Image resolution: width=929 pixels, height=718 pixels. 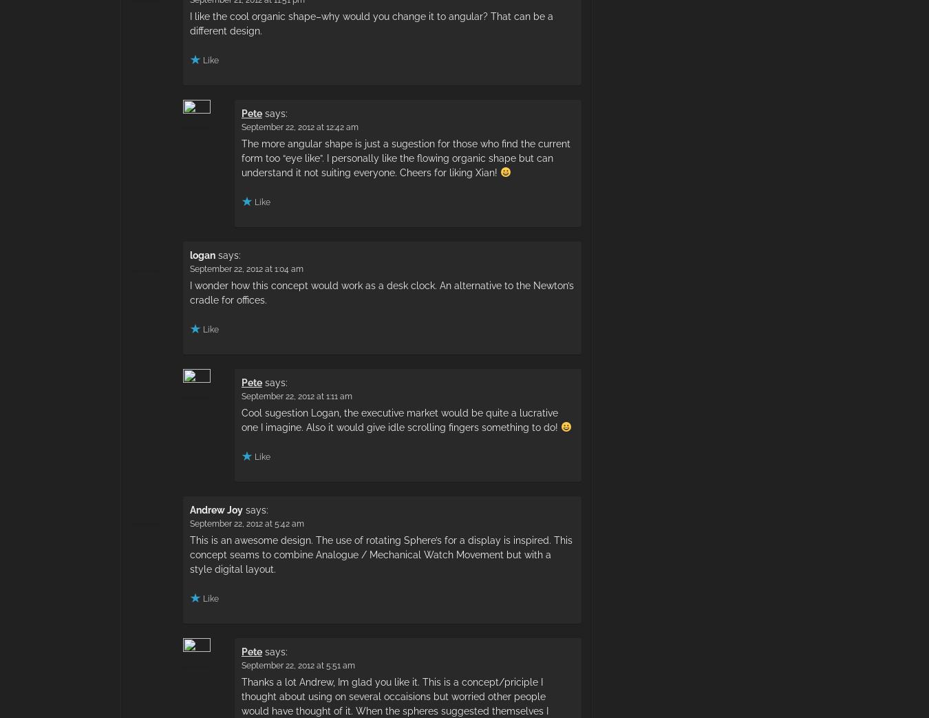 What do you see at coordinates (300, 125) in the screenshot?
I see `'September 22, 2012 at 12:42 am'` at bounding box center [300, 125].